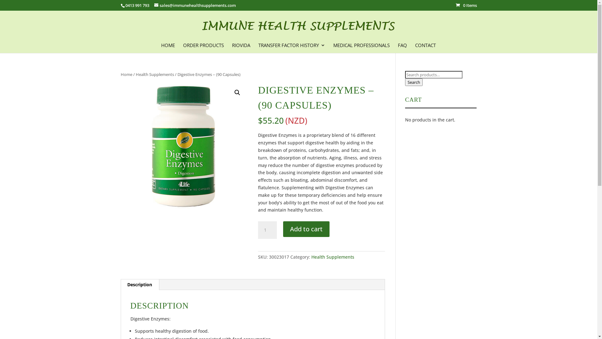 The image size is (602, 339). Describe the element at coordinates (240, 47) in the screenshot. I see `'RIOVIDA'` at that location.